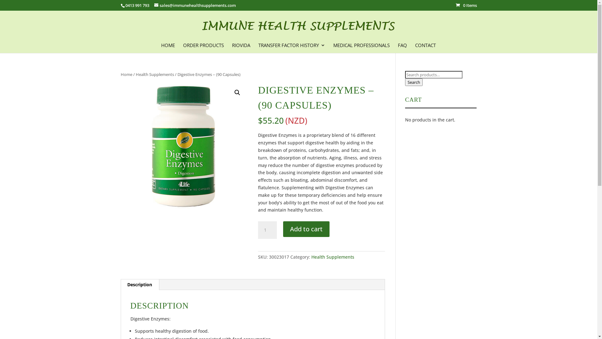 The image size is (602, 339). Describe the element at coordinates (240, 47) in the screenshot. I see `'RIOVIDA'` at that location.